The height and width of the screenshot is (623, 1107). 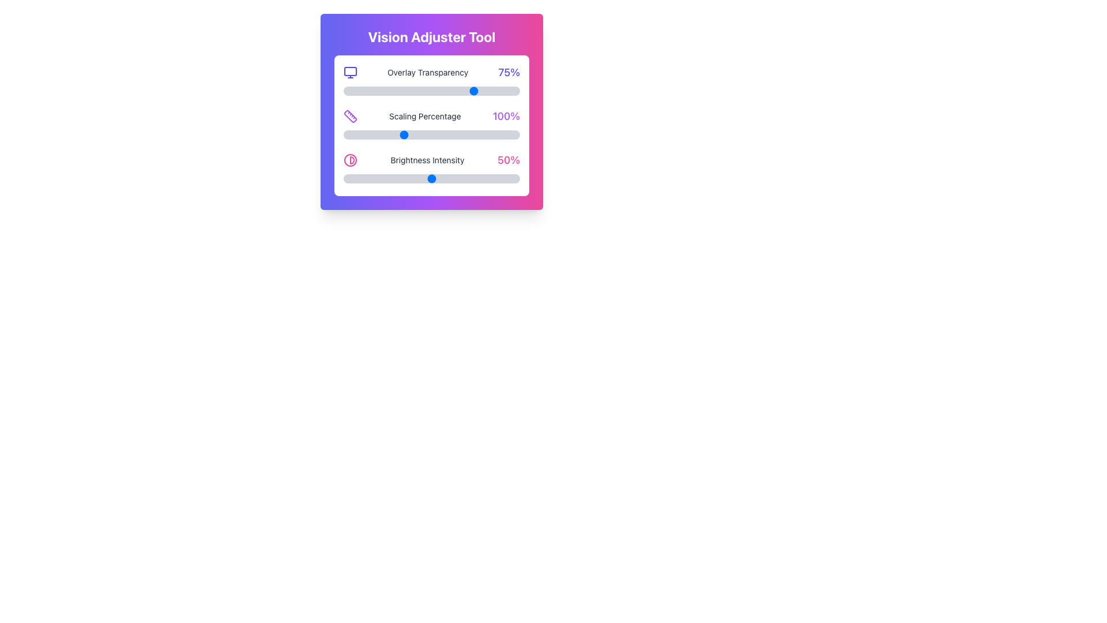 What do you see at coordinates (427, 160) in the screenshot?
I see `the 'Brightness Intensity' label that displays the text in dark-gray color, located within the brightness settings group` at bounding box center [427, 160].